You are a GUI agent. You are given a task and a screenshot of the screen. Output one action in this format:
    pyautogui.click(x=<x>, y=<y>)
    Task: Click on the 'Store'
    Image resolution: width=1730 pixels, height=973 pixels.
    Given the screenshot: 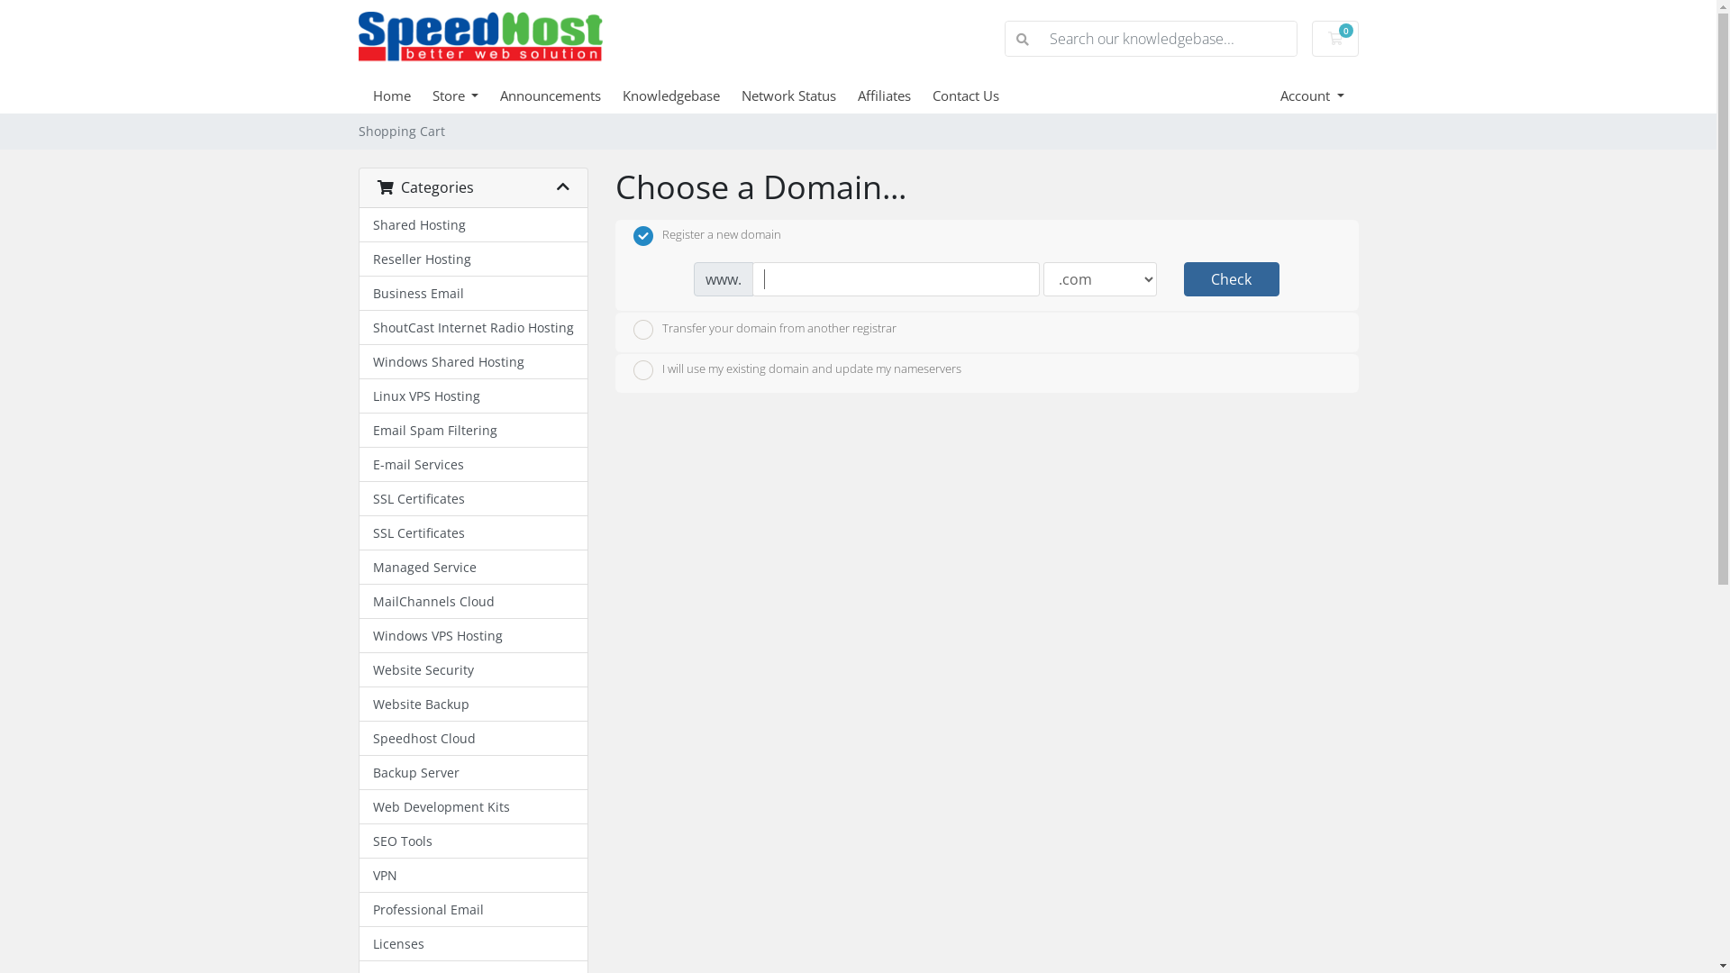 What is the action you would take?
    pyautogui.click(x=467, y=95)
    